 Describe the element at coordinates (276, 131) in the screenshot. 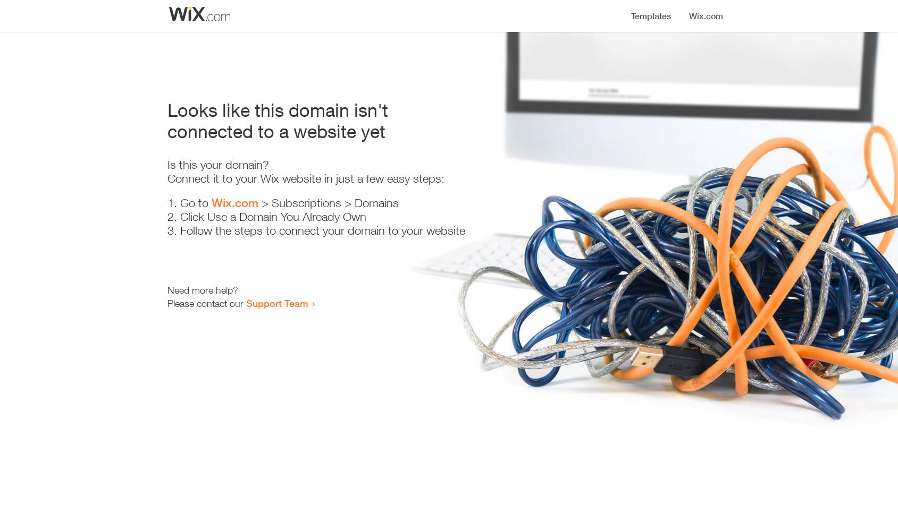

I see `'connected to a website yet'` at that location.